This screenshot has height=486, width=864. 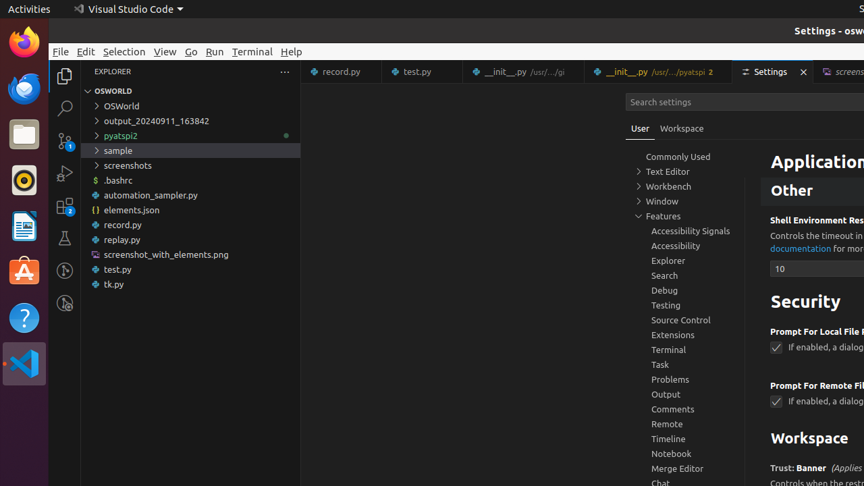 What do you see at coordinates (685, 230) in the screenshot?
I see `'Accessibility Signals, group'` at bounding box center [685, 230].